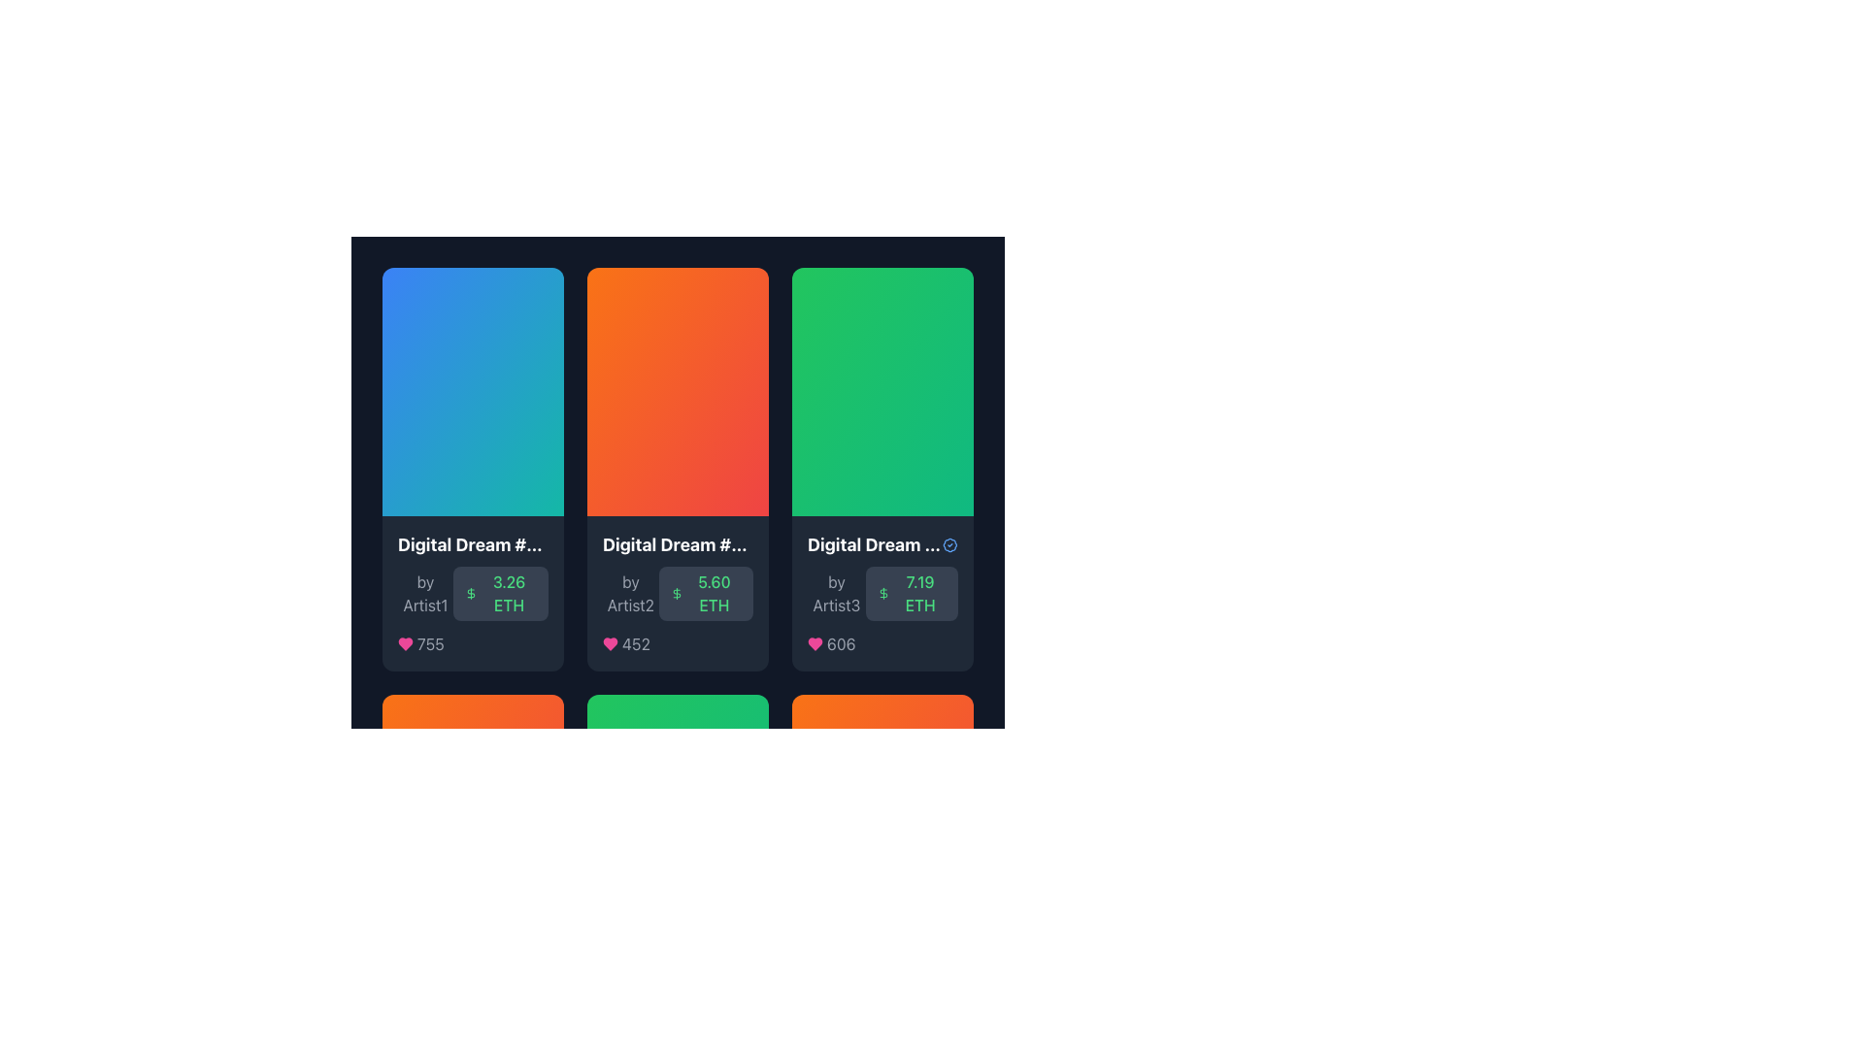 The height and width of the screenshot is (1048, 1864). Describe the element at coordinates (678, 593) in the screenshot. I see `the static label element displaying '5.60 ETH' with a dollar icon, located in the bottom-right corner of the 'Digital Dream #7323' card` at that location.